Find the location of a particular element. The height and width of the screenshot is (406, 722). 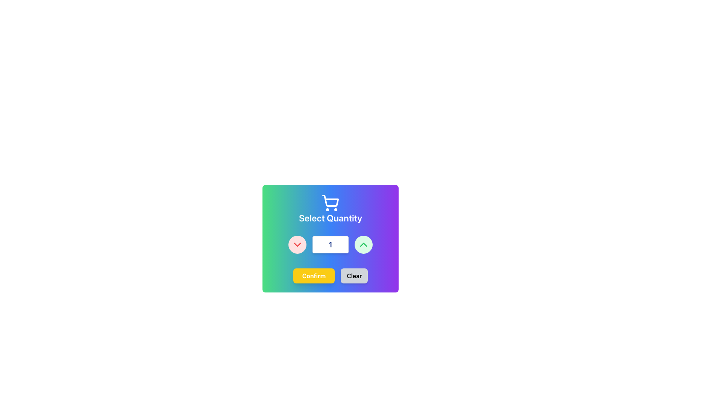

the shopping cart icon, which serves as a graphical symbol for e-commerce-related functionality, located at the top of the dialog box is located at coordinates (331, 200).